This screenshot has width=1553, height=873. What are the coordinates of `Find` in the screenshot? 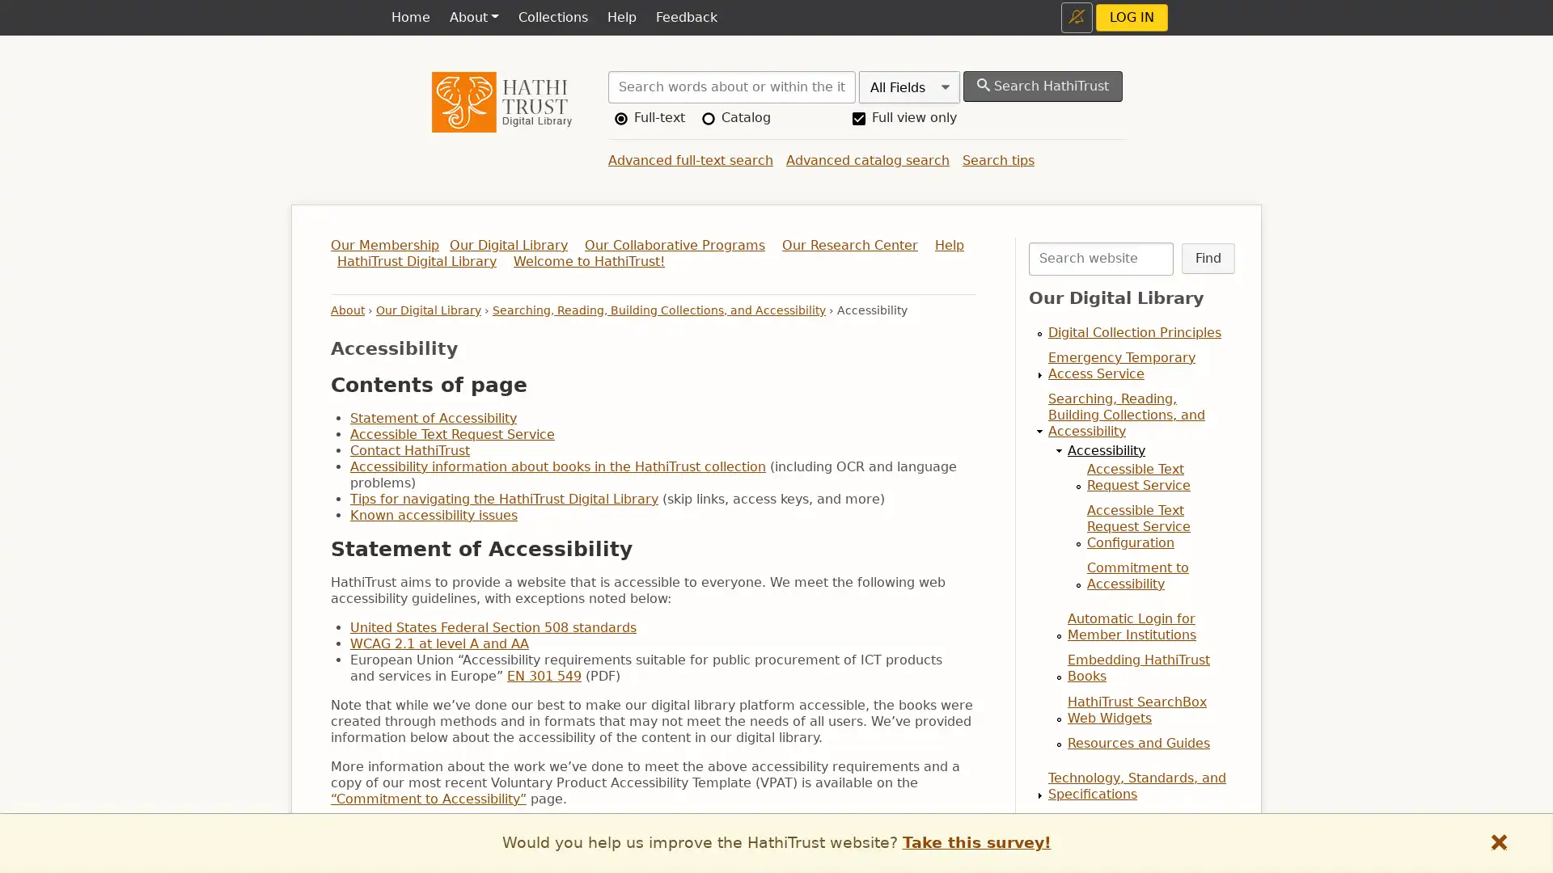 It's located at (1207, 258).